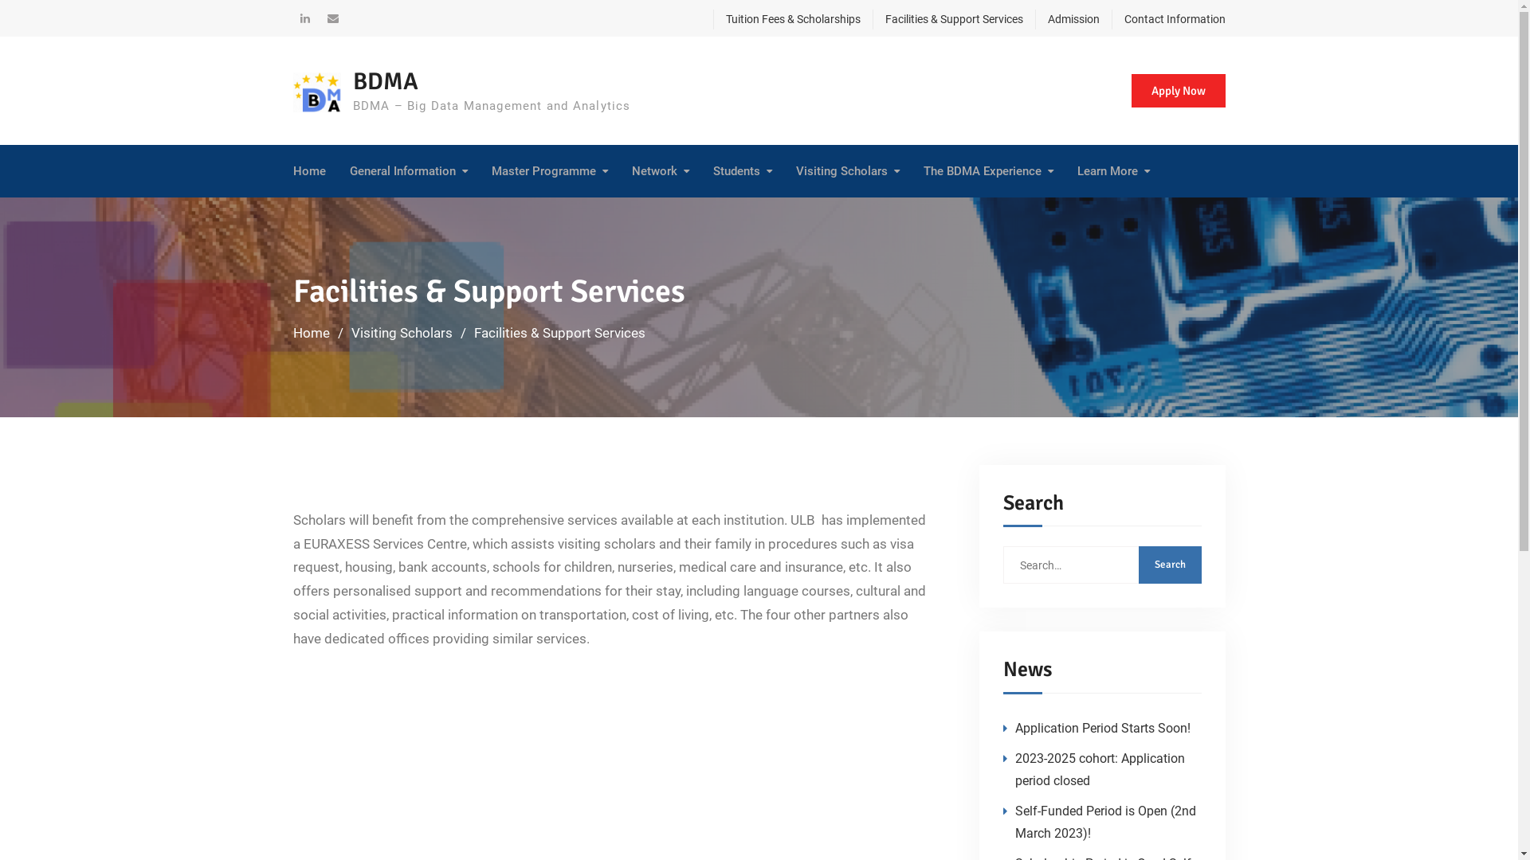 Image resolution: width=1530 pixels, height=860 pixels. What do you see at coordinates (1178, 90) in the screenshot?
I see `'Apply Now'` at bounding box center [1178, 90].